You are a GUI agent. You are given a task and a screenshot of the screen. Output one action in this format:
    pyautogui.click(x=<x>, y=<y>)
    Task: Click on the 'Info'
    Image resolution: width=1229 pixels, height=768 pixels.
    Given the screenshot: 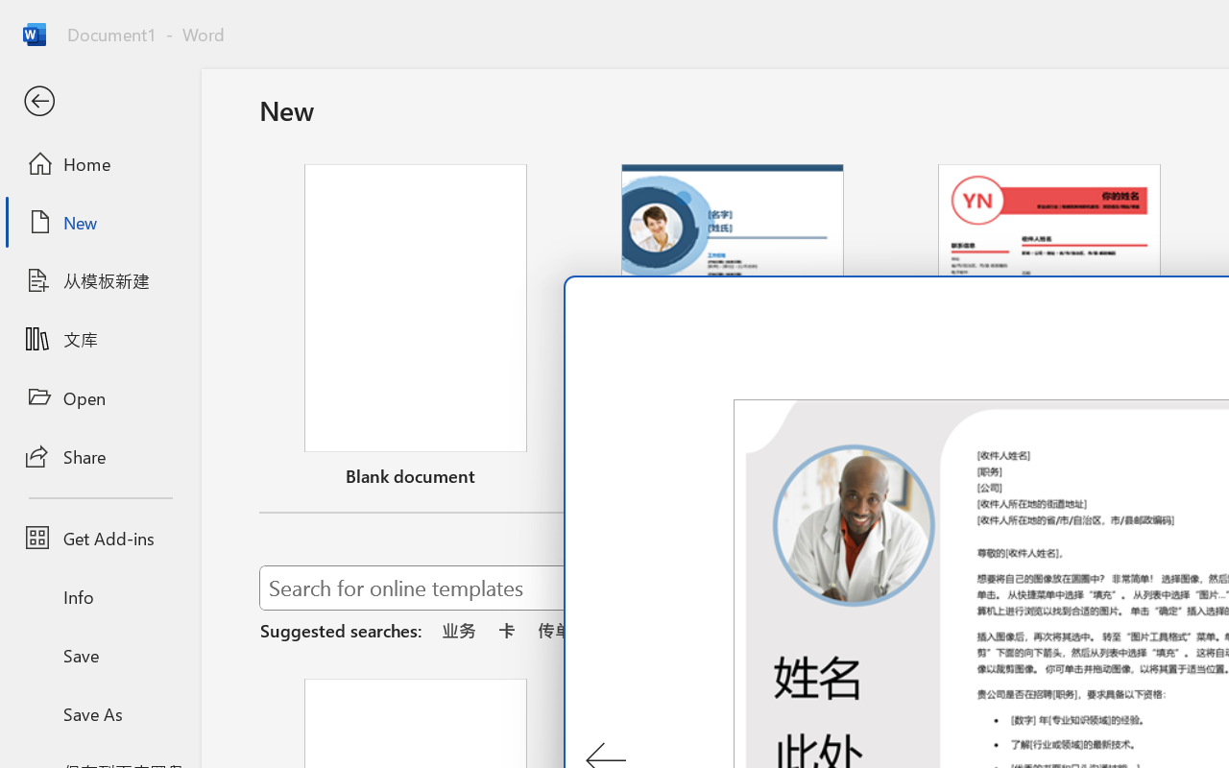 What is the action you would take?
    pyautogui.click(x=99, y=596)
    